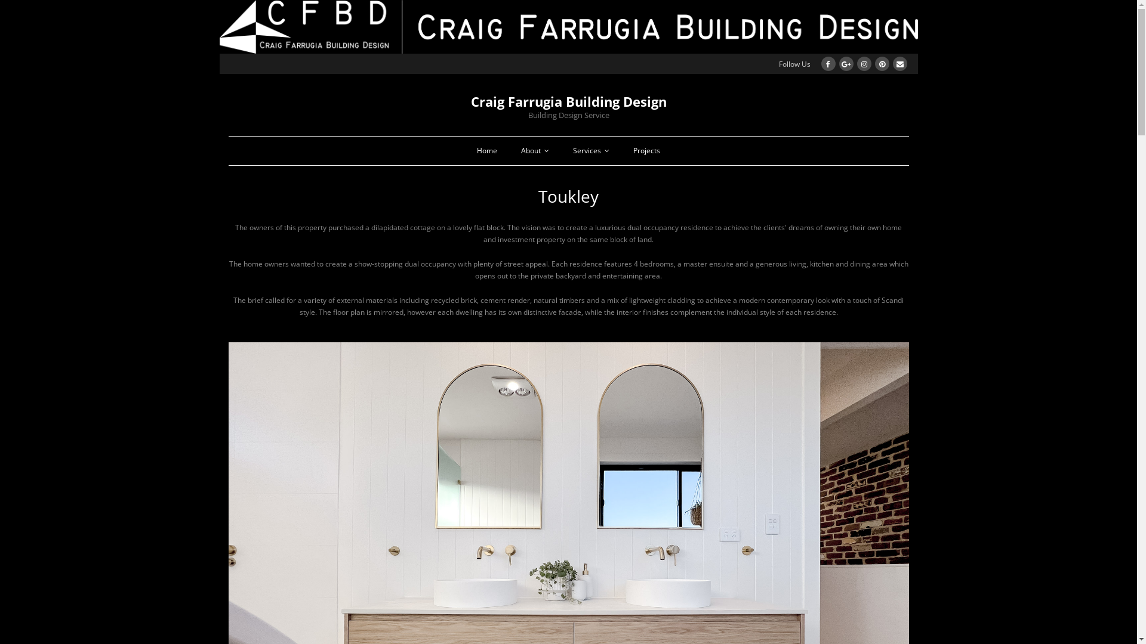 Image resolution: width=1146 pixels, height=644 pixels. I want to click on 'Projects', so click(646, 150).